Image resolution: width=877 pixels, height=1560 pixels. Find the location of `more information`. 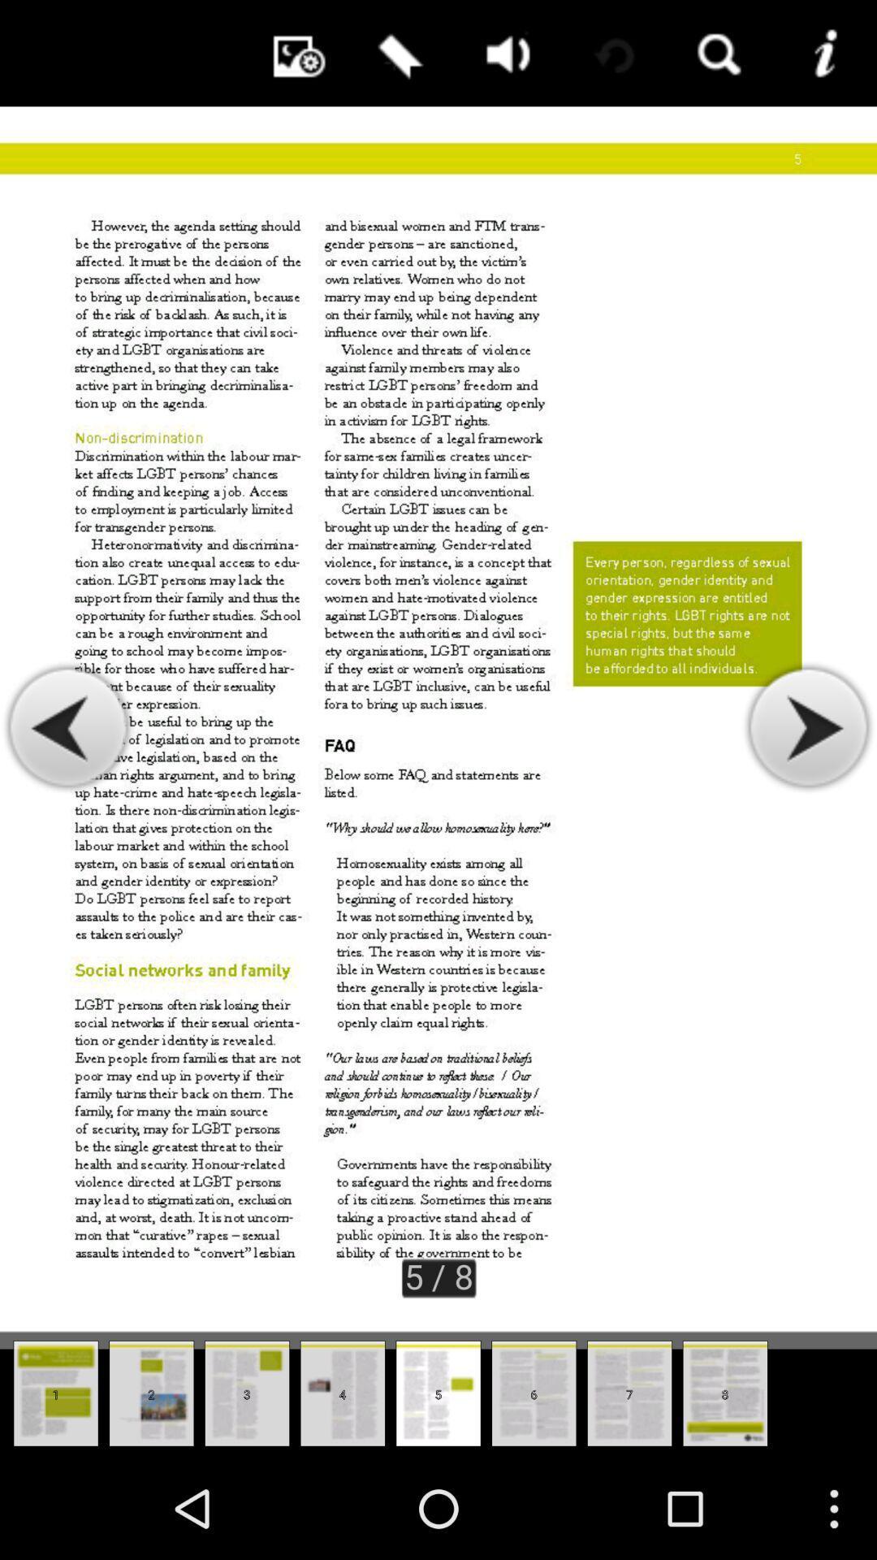

more information is located at coordinates (823, 53).